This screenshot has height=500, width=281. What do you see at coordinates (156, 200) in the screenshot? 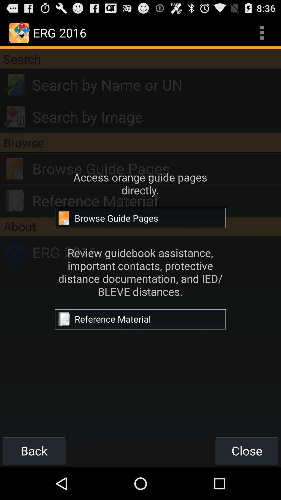
I see `reference material icon` at bounding box center [156, 200].